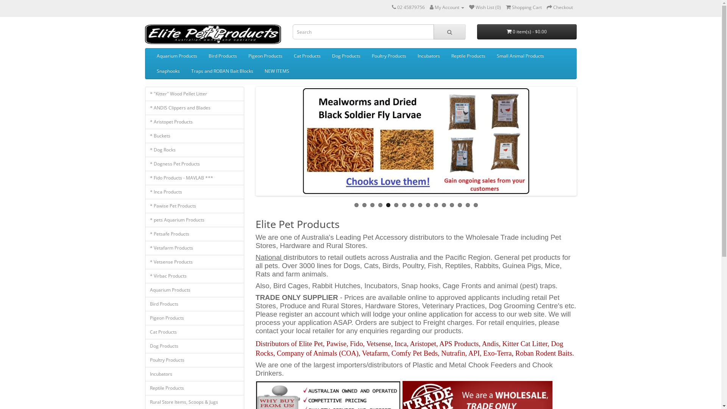 The image size is (727, 409). I want to click on '* Virbac Products', so click(194, 276).